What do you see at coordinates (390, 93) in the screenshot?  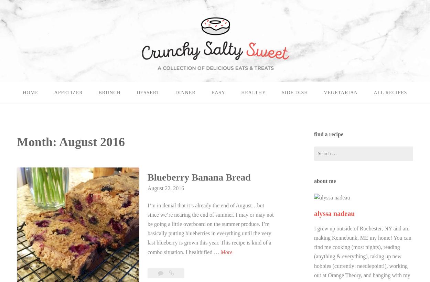 I see `'all recipes'` at bounding box center [390, 93].